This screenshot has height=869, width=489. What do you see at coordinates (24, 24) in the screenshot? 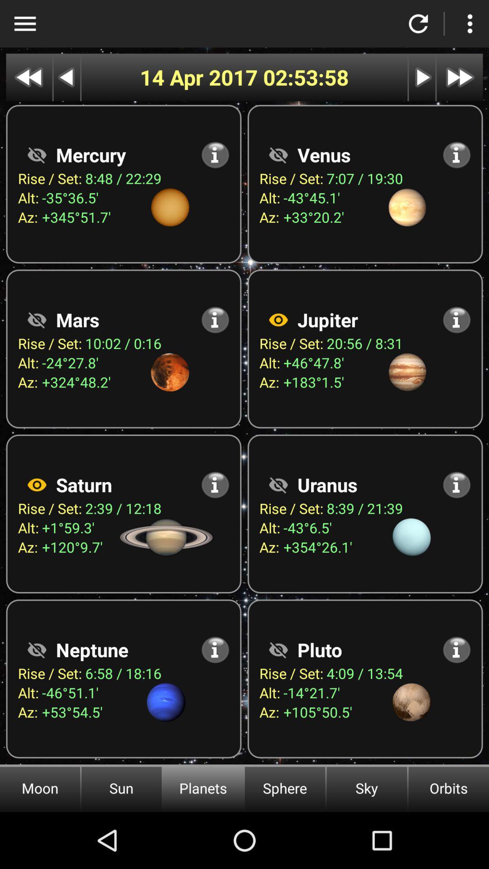
I see `click for dropdown box` at bounding box center [24, 24].